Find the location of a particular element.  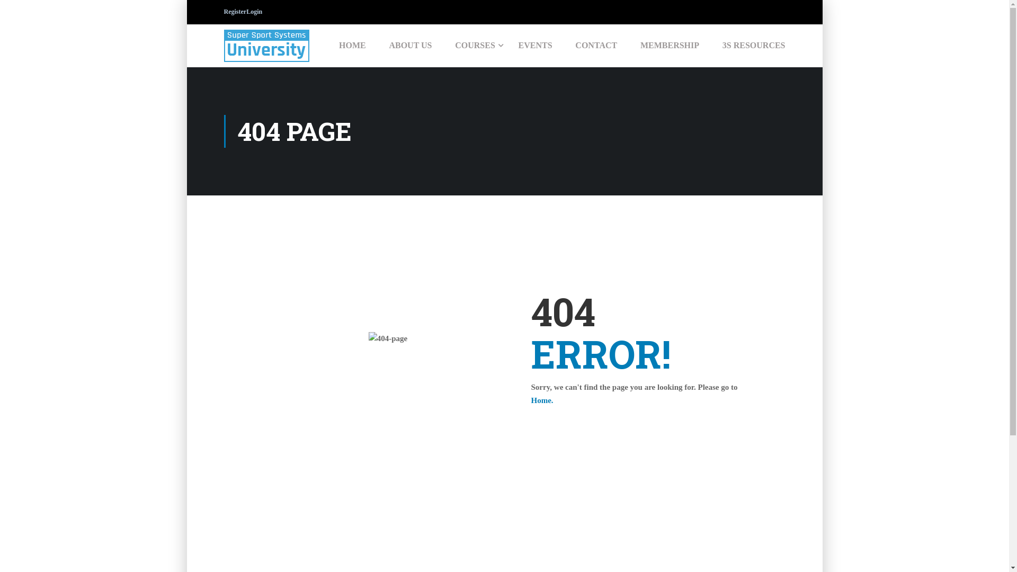

'MEMBERSHIP' is located at coordinates (669, 44).